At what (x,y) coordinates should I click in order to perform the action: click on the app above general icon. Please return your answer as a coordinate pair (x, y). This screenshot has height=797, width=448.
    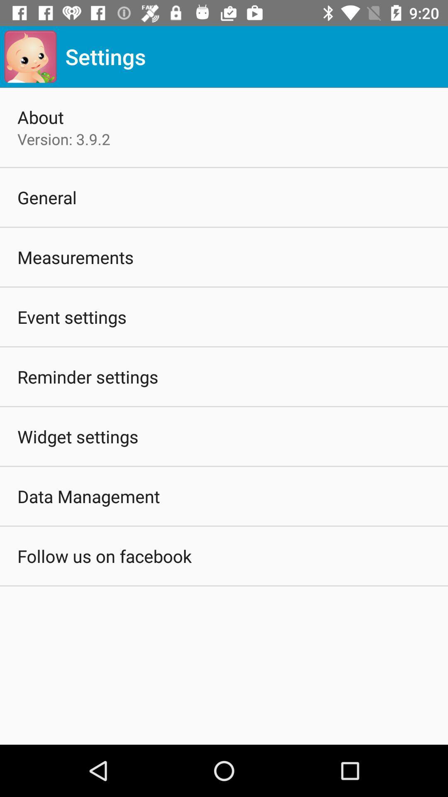
    Looking at the image, I should click on (63, 139).